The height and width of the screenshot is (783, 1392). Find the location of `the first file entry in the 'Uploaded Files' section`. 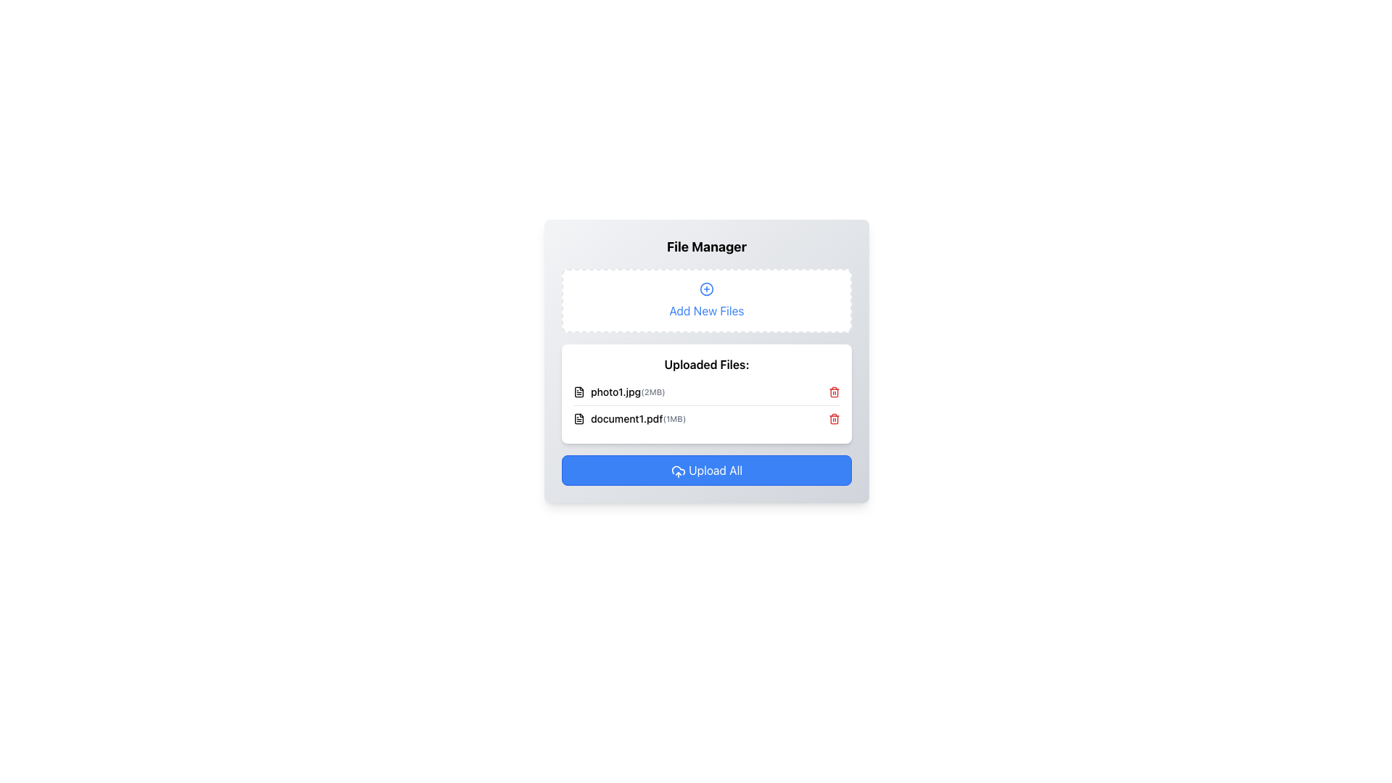

the first file entry in the 'Uploaded Files' section is located at coordinates (619, 391).